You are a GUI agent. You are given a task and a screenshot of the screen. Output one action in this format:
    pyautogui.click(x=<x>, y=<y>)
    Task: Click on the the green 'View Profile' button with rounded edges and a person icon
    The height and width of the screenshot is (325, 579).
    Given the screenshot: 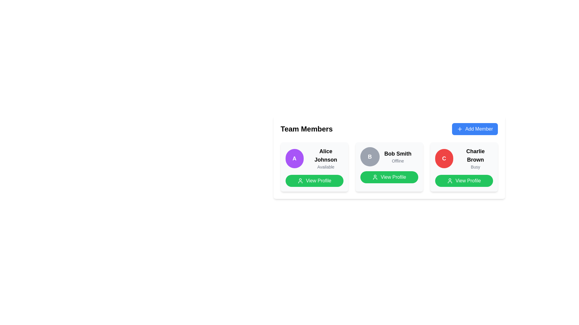 What is the action you would take?
    pyautogui.click(x=389, y=177)
    